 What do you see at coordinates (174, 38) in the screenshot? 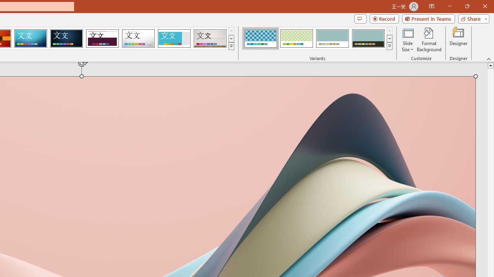
I see `'Frame'` at bounding box center [174, 38].